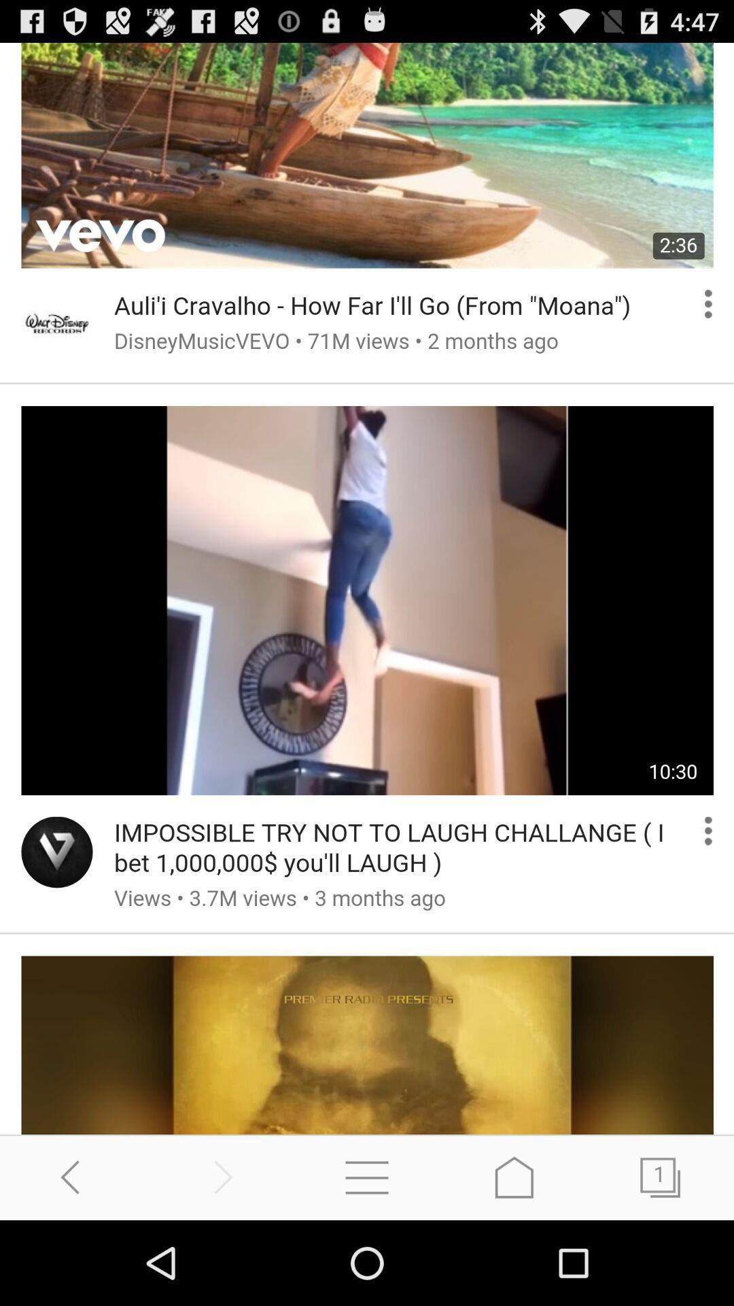 The image size is (734, 1306). What do you see at coordinates (220, 1177) in the screenshot?
I see `go forward` at bounding box center [220, 1177].